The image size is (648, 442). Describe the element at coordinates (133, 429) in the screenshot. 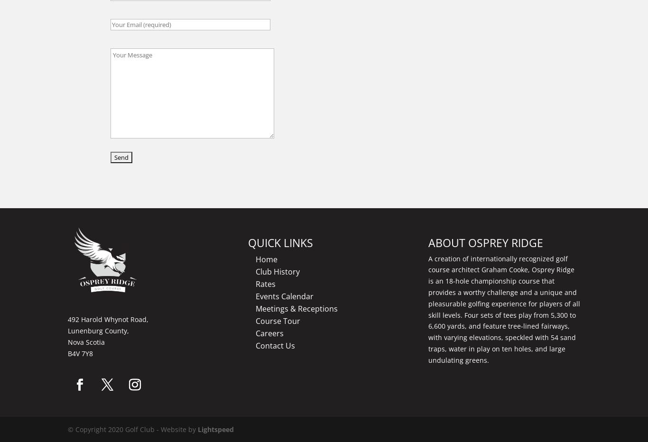

I see `'© Copyright 2020 Golf Club - Website by'` at that location.